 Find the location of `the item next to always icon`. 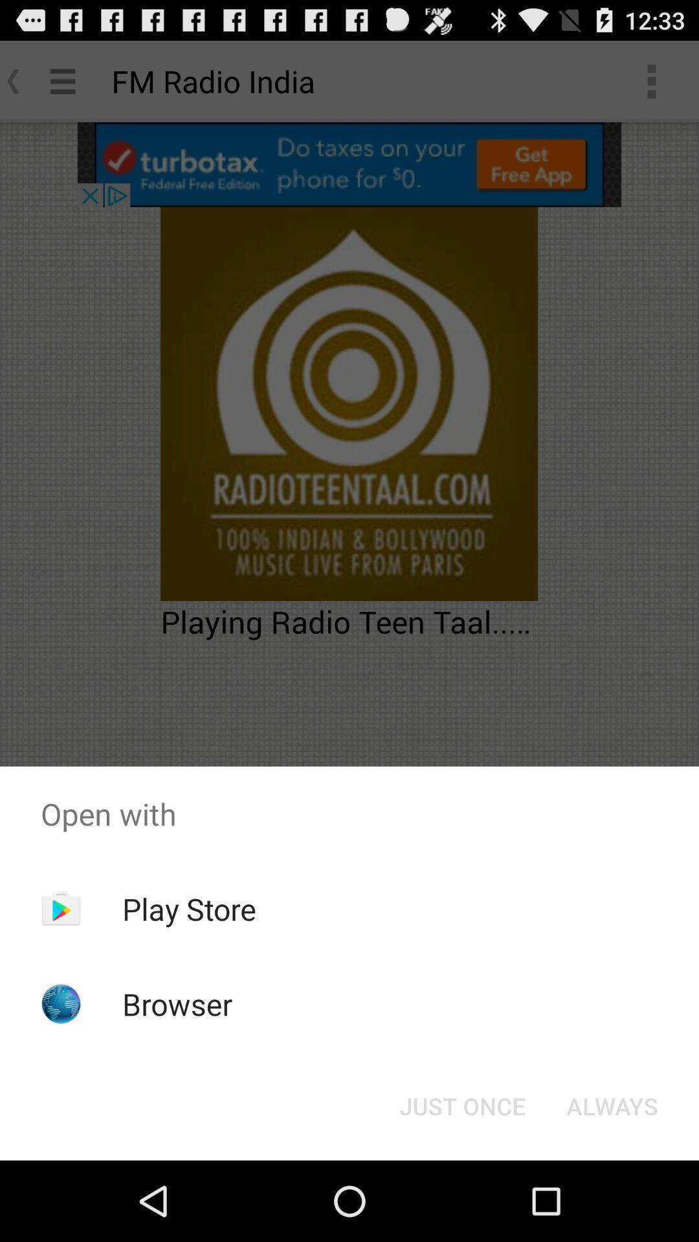

the item next to always icon is located at coordinates (461, 1105).